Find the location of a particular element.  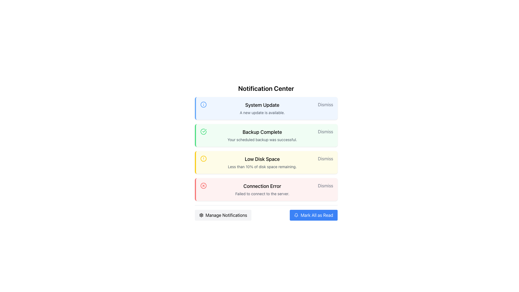

the button with a blue background and white text located at the bottom-right side of the interface to mark all notifications as read is located at coordinates (317, 215).